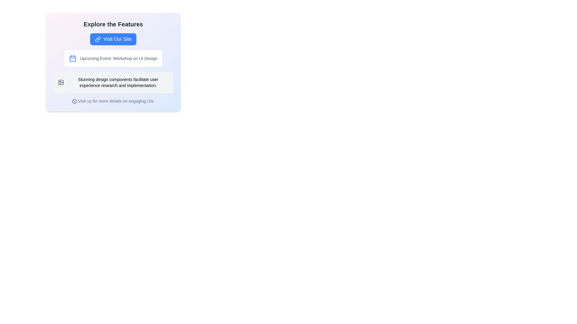 The height and width of the screenshot is (324, 577). Describe the element at coordinates (113, 39) in the screenshot. I see `the button located at the top of the 'Explore the Features' card` at that location.